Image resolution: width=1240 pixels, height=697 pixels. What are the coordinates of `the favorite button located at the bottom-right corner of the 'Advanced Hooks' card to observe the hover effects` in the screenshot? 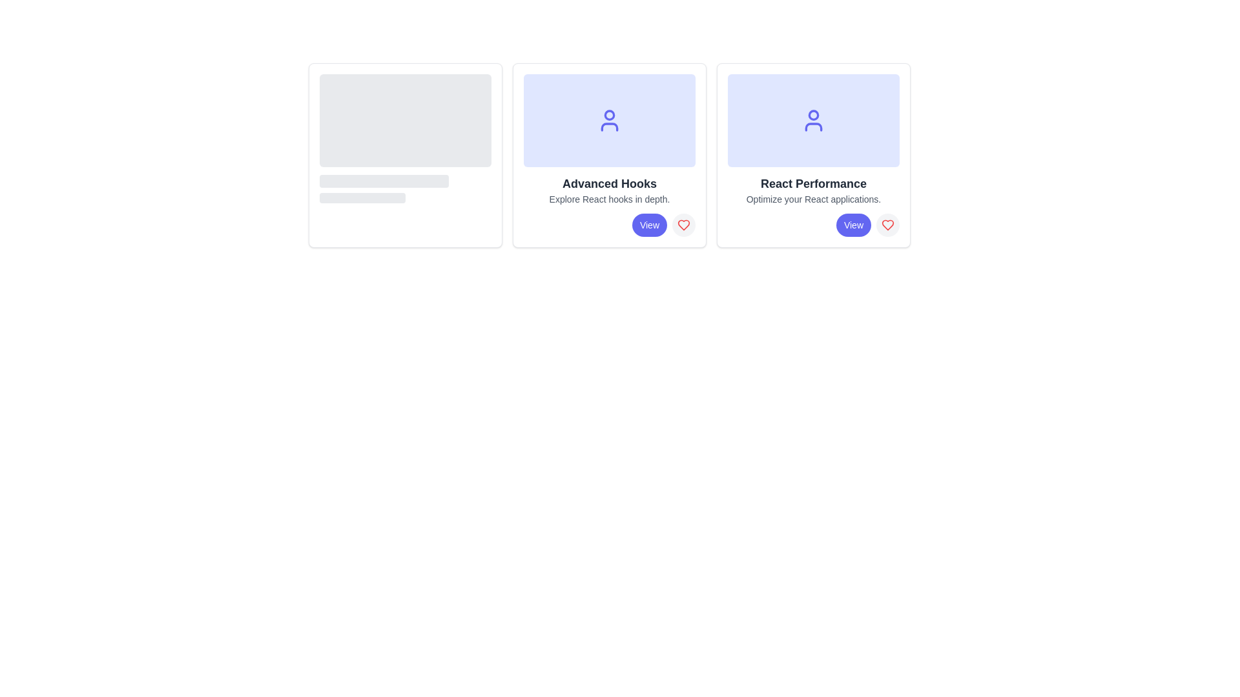 It's located at (683, 224).